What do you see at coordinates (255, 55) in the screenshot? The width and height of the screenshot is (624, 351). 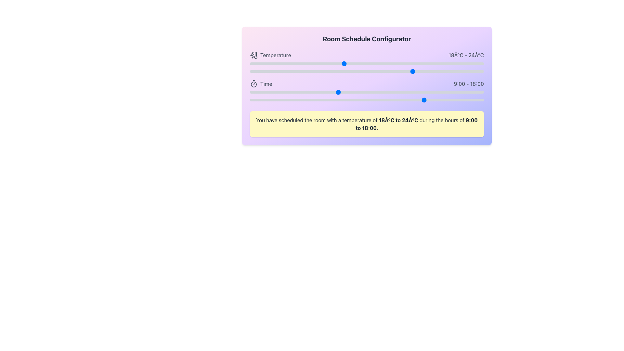 I see `the bulb-like silhouette icon located to the left of the 'Temperature' label in the first row of the card-like structure` at bounding box center [255, 55].